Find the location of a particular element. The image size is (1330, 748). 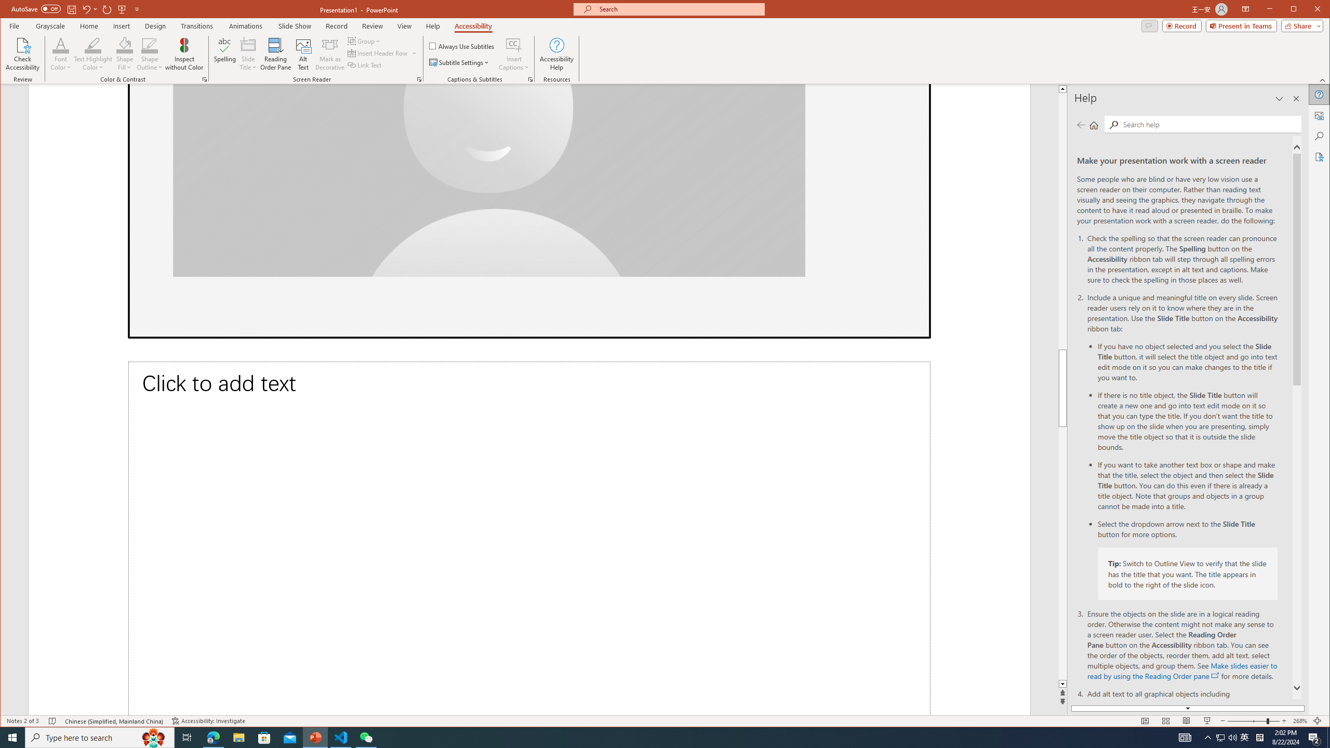

'Captions & Subtitles' is located at coordinates (530, 79).